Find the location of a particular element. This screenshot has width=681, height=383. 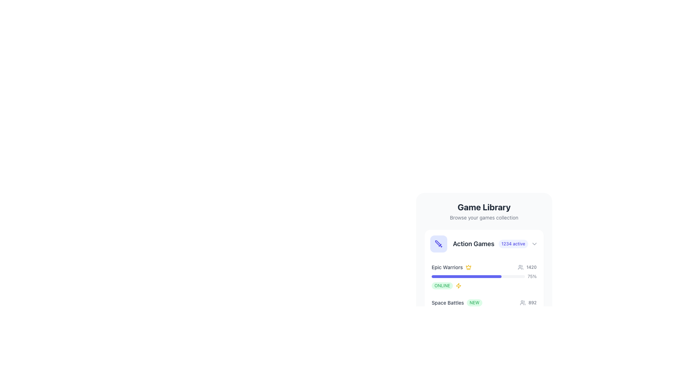

the static text display showing '1420' with an accompanying icon of a group of people, located to the right of 'Epic Warriors' is located at coordinates (527, 267).